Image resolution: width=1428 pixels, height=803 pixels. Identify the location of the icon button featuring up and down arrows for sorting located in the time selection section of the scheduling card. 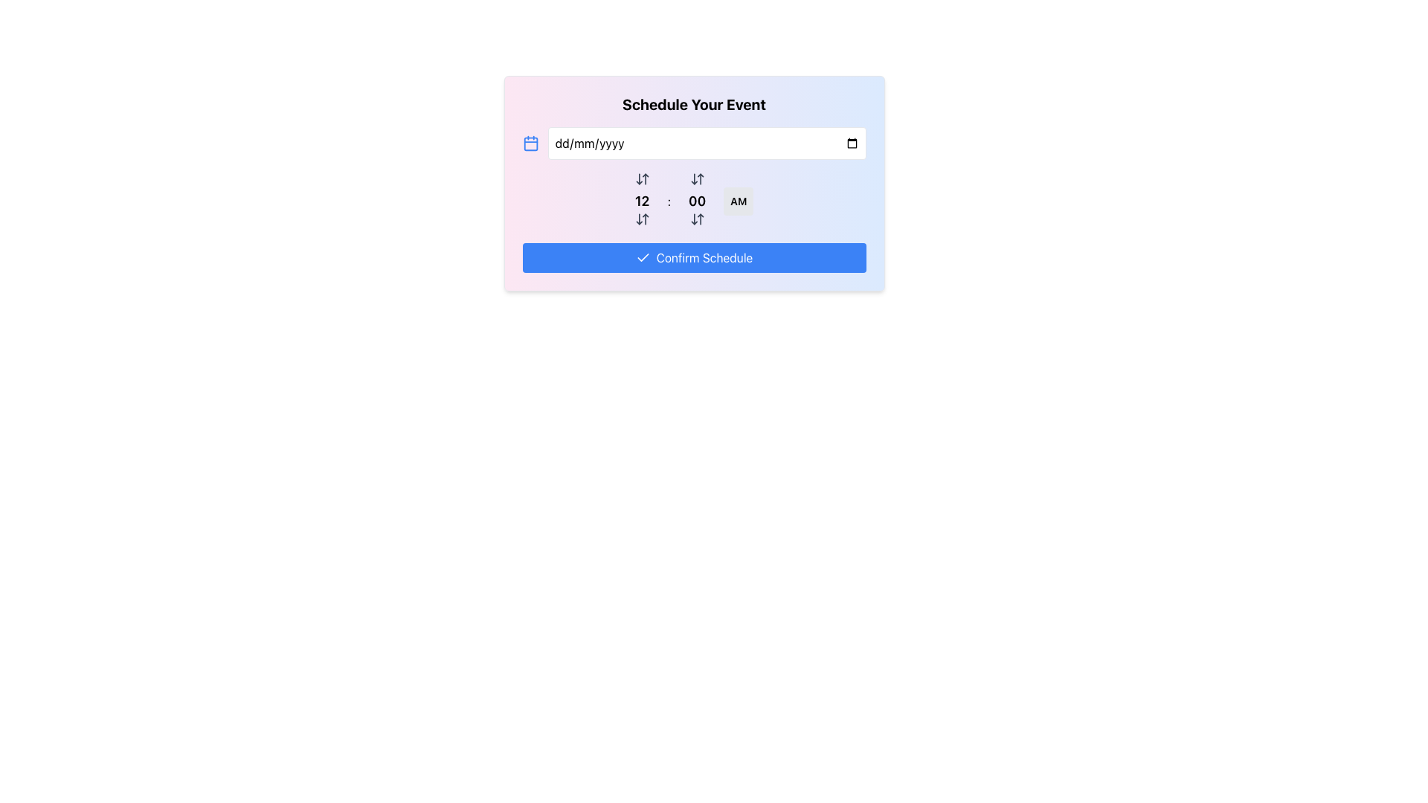
(696, 178).